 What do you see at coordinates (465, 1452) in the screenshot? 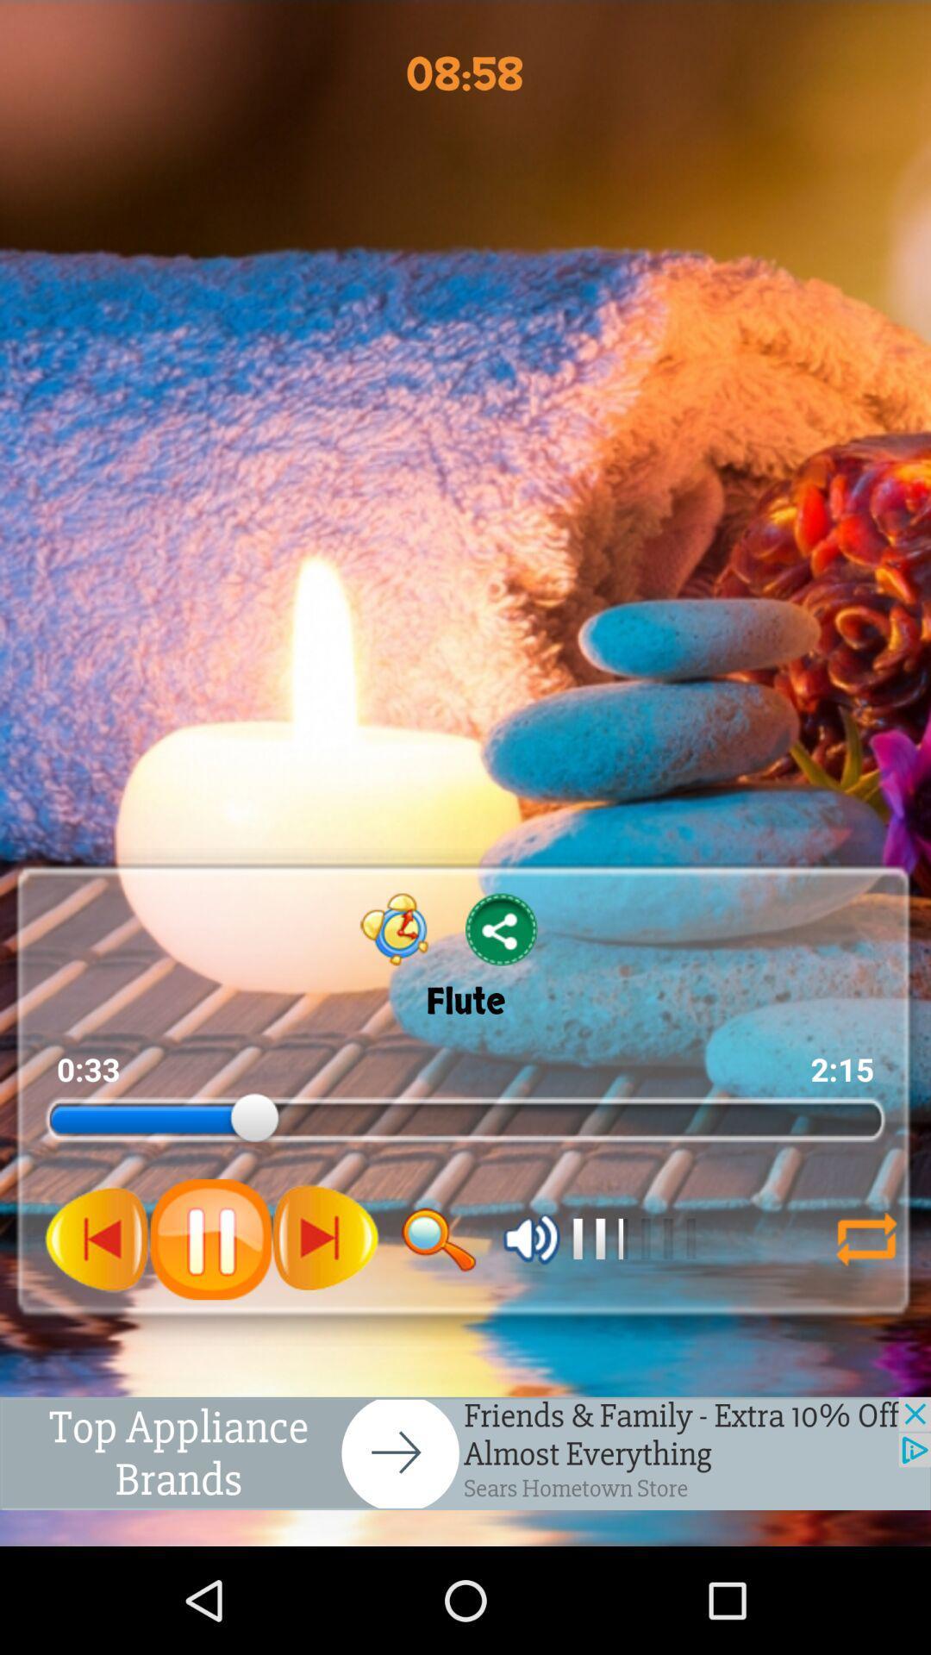
I see `advertisement` at bounding box center [465, 1452].